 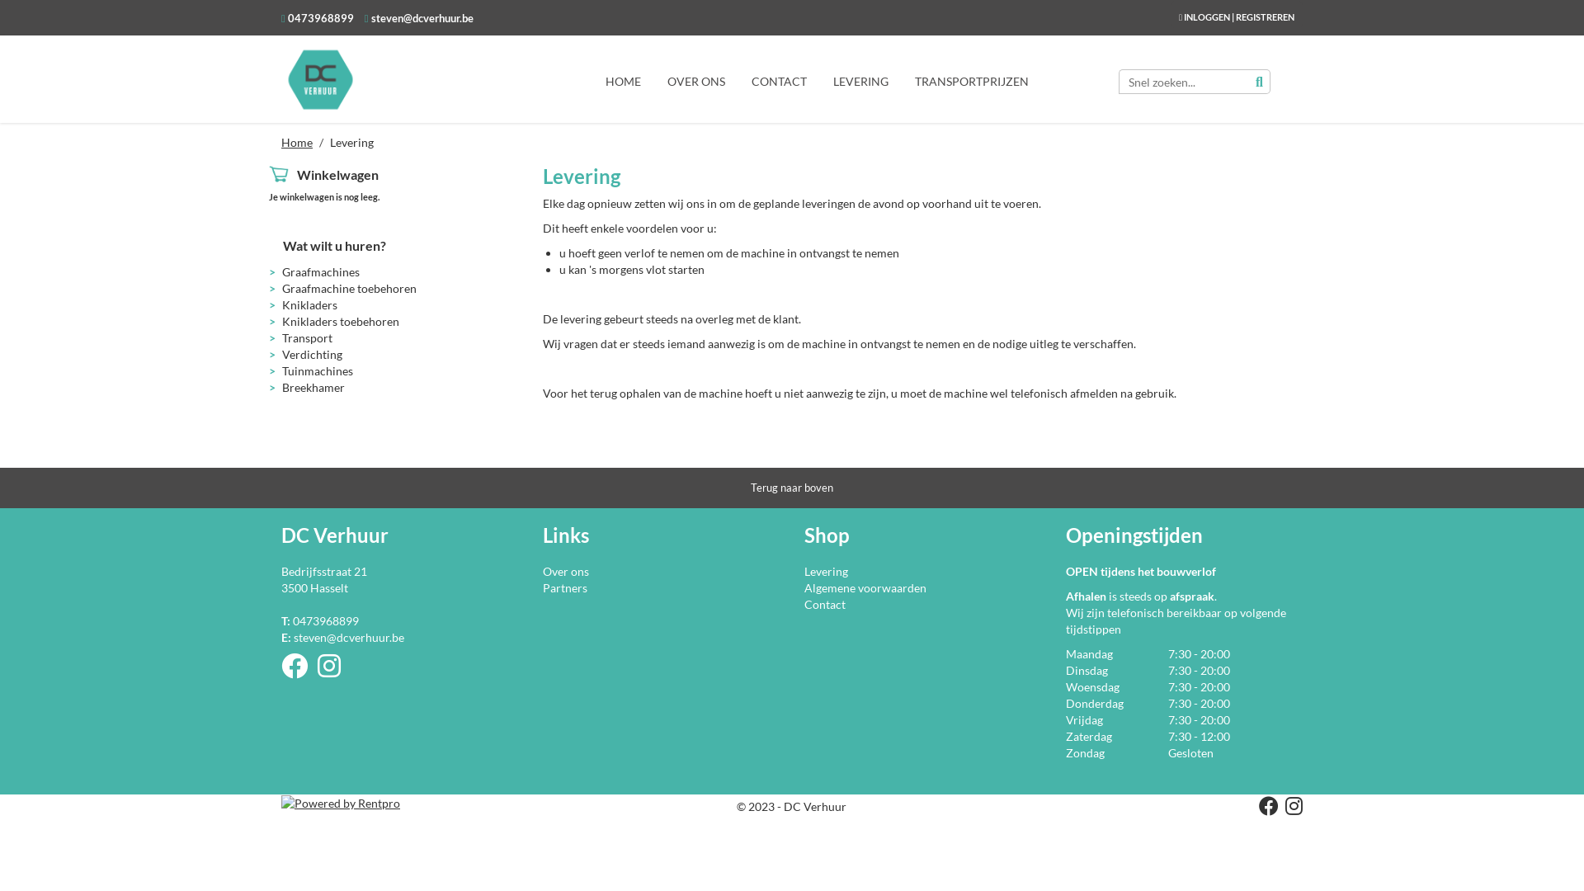 What do you see at coordinates (320, 271) in the screenshot?
I see `'Graafmachines'` at bounding box center [320, 271].